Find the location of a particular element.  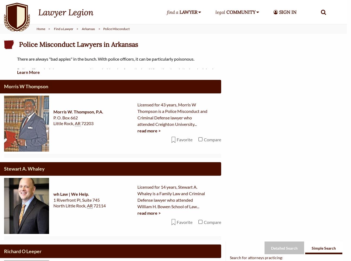

'72758' is located at coordinates (80, 192).